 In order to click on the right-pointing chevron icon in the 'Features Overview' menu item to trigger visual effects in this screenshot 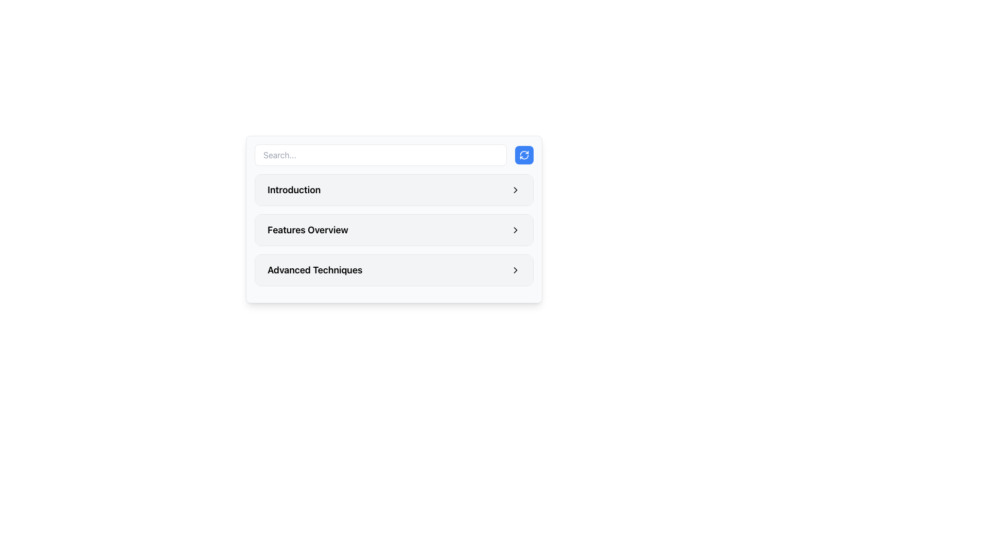, I will do `click(516, 229)`.